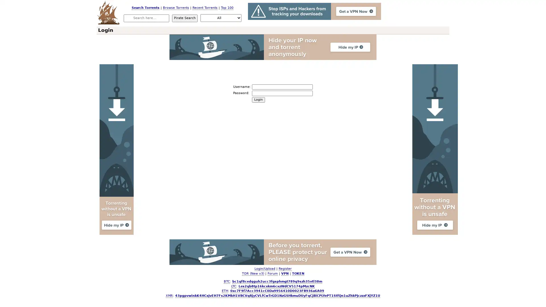 Image resolution: width=546 pixels, height=307 pixels. What do you see at coordinates (258, 99) in the screenshot?
I see `Login` at bounding box center [258, 99].